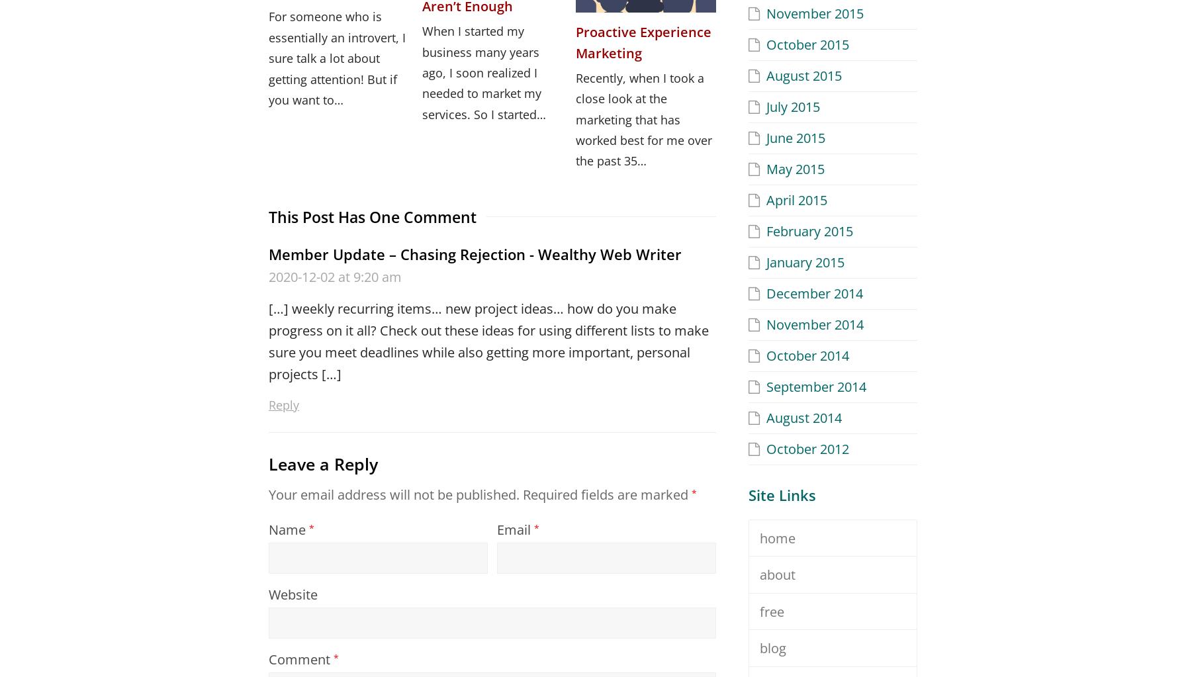  Describe the element at coordinates (771, 610) in the screenshot. I see `'free'` at that location.